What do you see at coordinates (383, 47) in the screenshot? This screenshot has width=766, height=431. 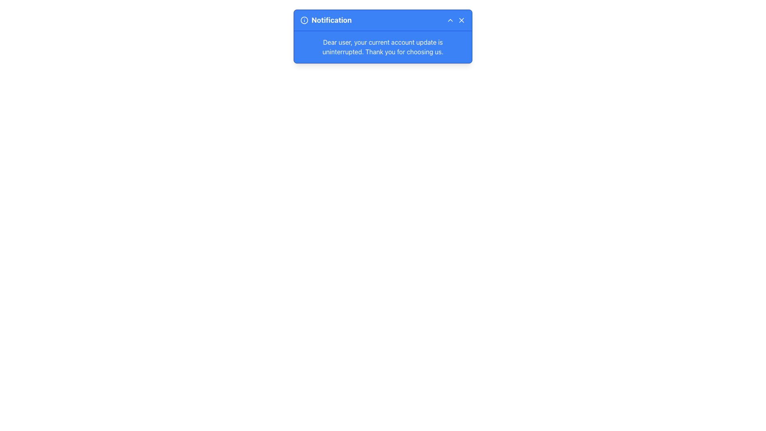 I see `the text block located in the notification panel, which states 'Dear user, your current account update is uninterrupted. Thank you for choosing us.'` at bounding box center [383, 47].